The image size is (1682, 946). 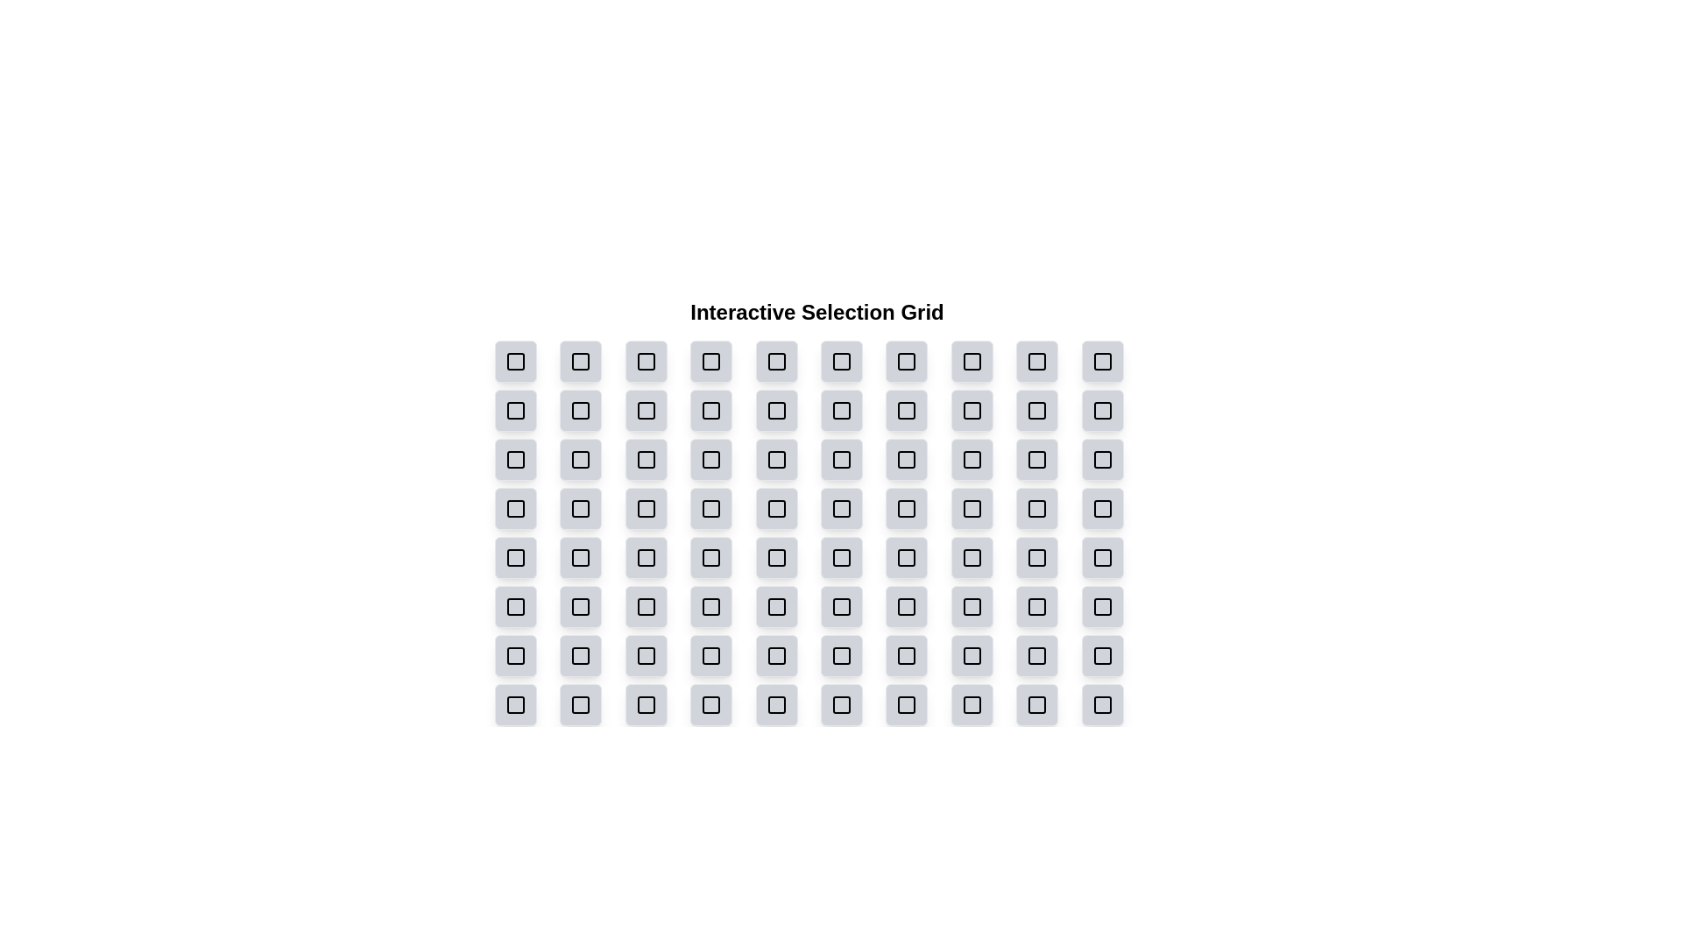 What do you see at coordinates (816, 312) in the screenshot?
I see `the grid title 'Interactive Selection Grid'` at bounding box center [816, 312].